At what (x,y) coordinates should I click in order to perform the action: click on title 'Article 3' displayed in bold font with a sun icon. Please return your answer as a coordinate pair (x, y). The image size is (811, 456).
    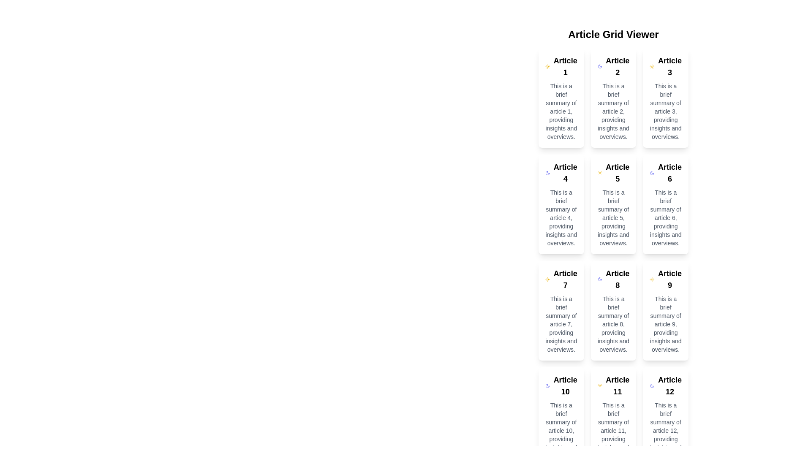
    Looking at the image, I should click on (665, 66).